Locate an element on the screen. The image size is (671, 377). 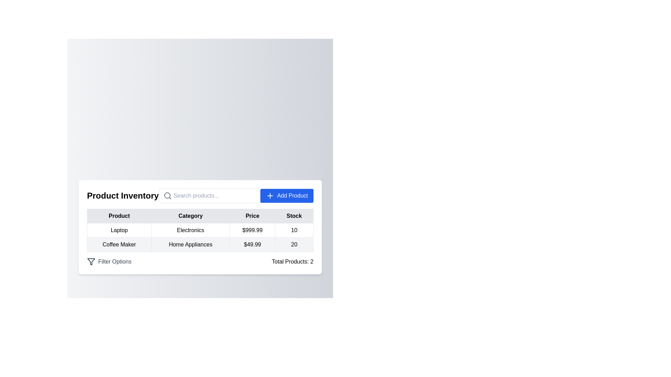
the title element for the 'Product Inventory' section, which is located at the top left of the card-like structure above the search bar and next to the 'Add Product' button is located at coordinates (123, 195).